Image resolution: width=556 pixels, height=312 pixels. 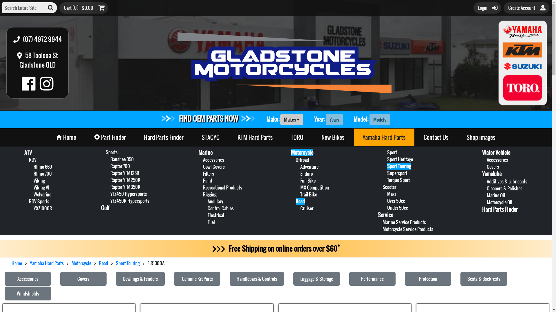 I want to click on 'Enduro', so click(x=306, y=173).